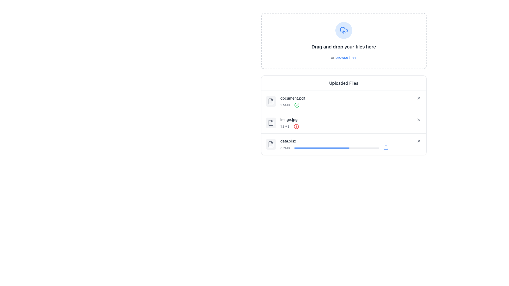 This screenshot has width=509, height=286. Describe the element at coordinates (344, 83) in the screenshot. I see `the text label that indicates the section for uploaded files, positioned at the top center of the file-related information area` at that location.